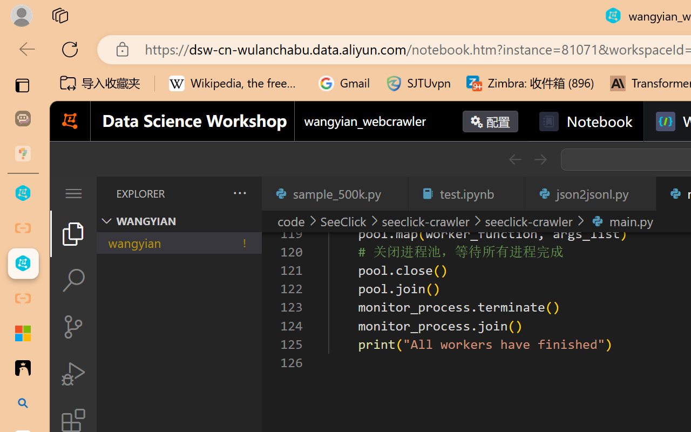  I want to click on 'Views and More Actions...', so click(238, 193).